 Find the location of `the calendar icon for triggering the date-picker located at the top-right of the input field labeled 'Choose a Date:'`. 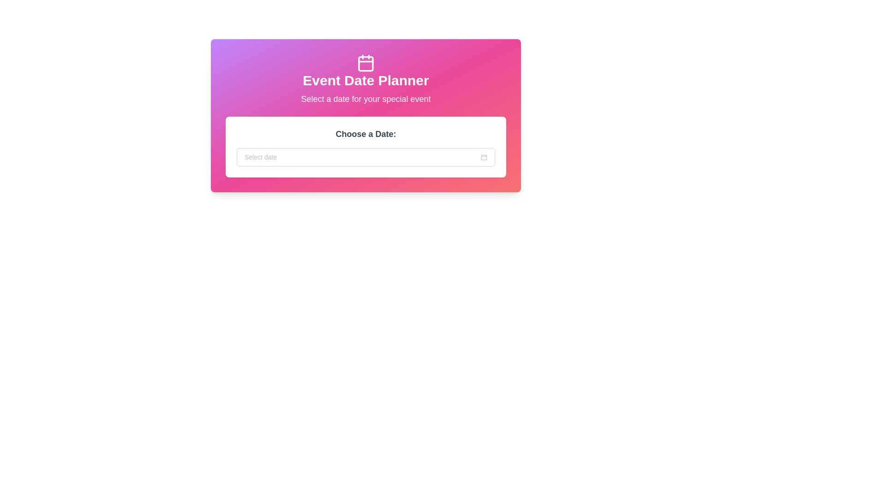

the calendar icon for triggering the date-picker located at the top-right of the input field labeled 'Choose a Date:' is located at coordinates (484, 156).